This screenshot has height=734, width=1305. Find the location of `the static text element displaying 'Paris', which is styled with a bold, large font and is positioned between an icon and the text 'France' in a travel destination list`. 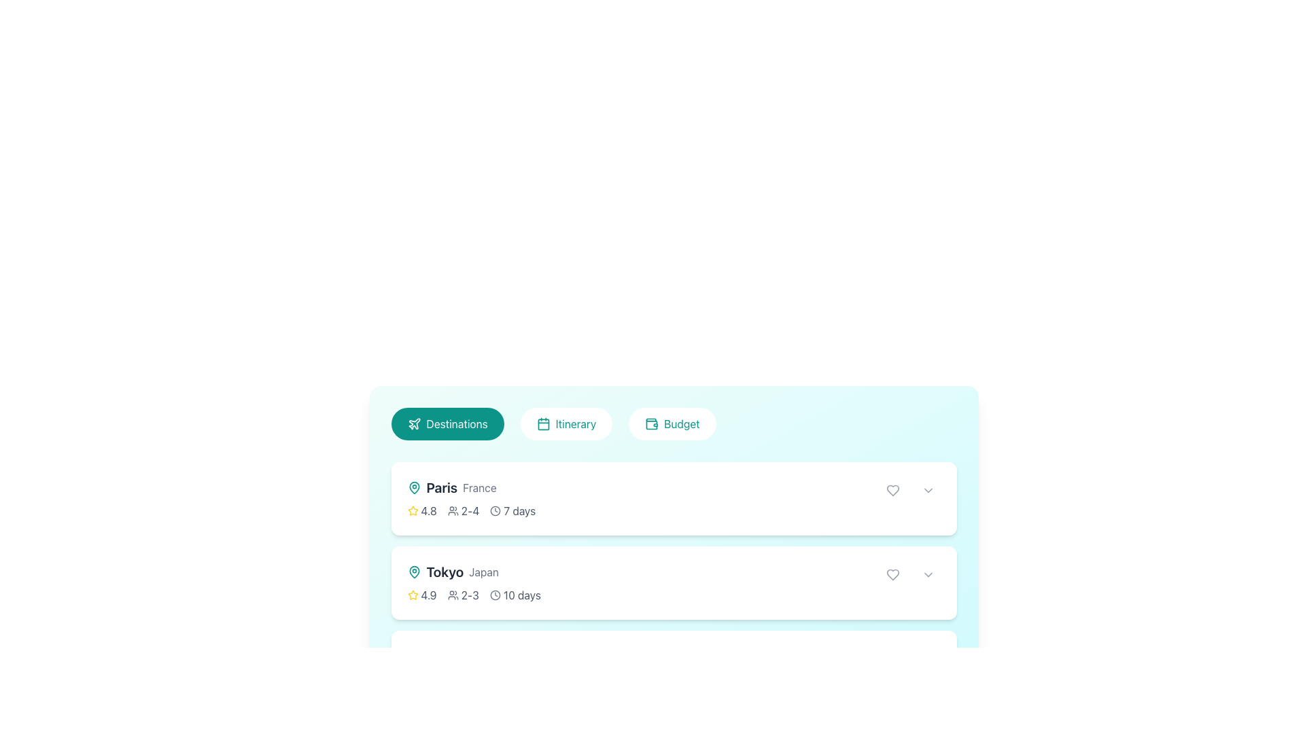

the static text element displaying 'Paris', which is styled with a bold, large font and is positioned between an icon and the text 'France' in a travel destination list is located at coordinates (442, 487).